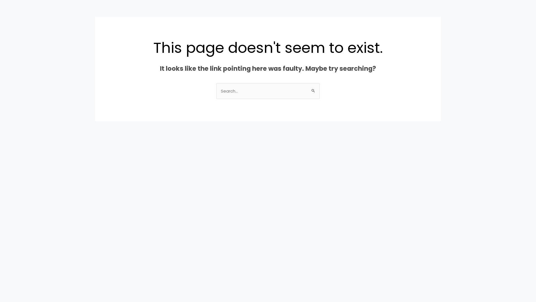 The height and width of the screenshot is (302, 536). Describe the element at coordinates (313, 88) in the screenshot. I see `'Search'` at that location.